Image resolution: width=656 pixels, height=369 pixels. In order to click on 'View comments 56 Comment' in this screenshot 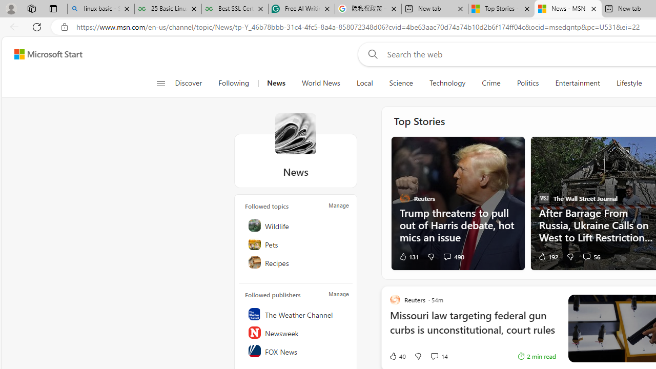, I will do `click(591, 256)`.